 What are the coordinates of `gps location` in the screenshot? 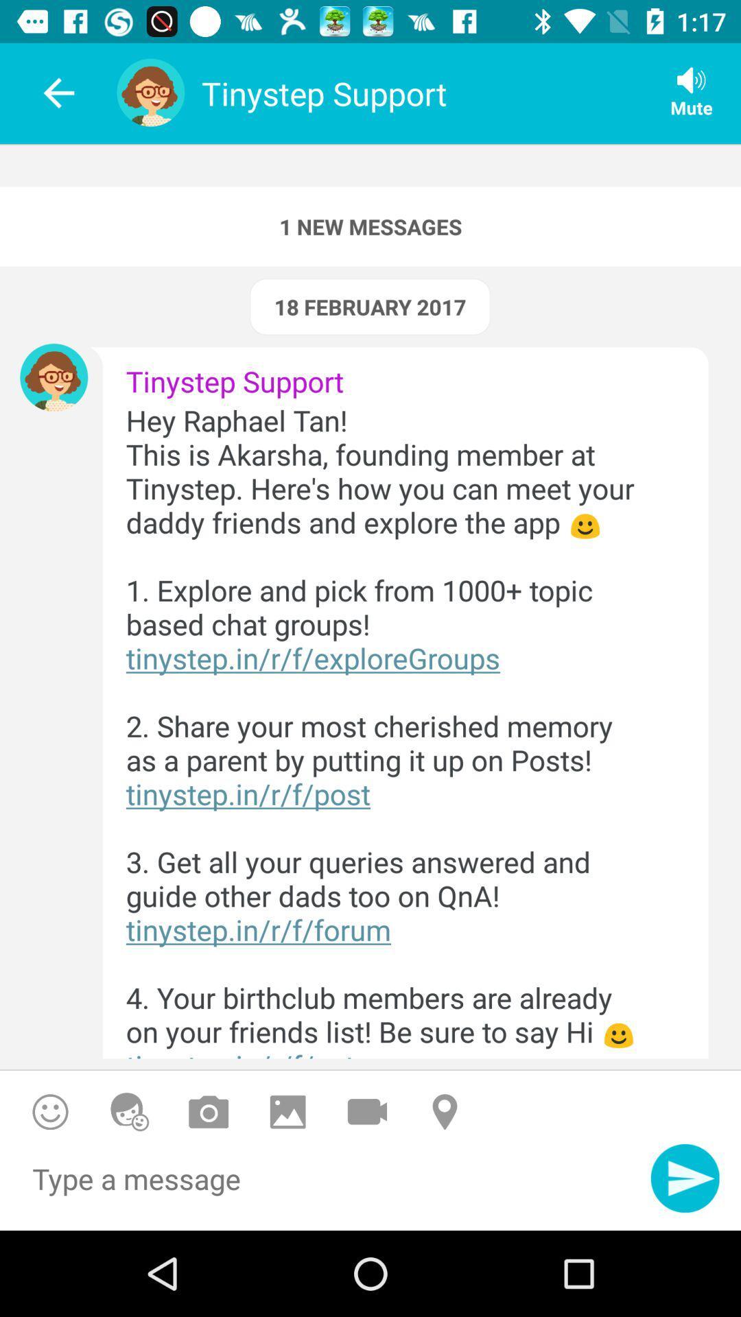 It's located at (447, 1112).